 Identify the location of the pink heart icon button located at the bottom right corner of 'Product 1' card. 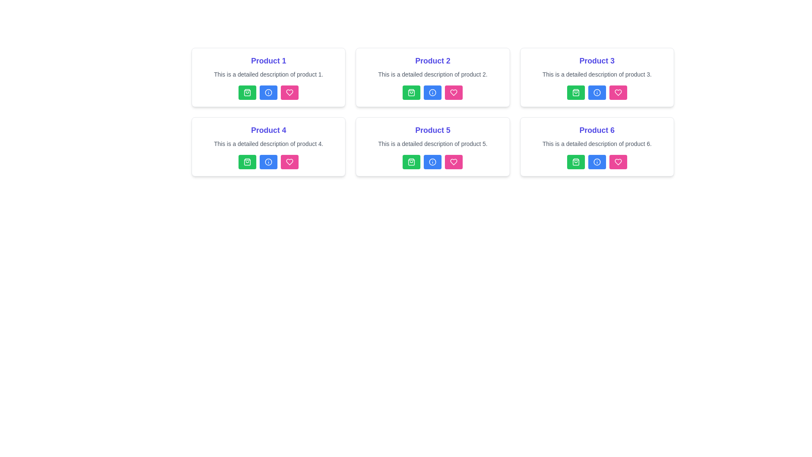
(290, 162).